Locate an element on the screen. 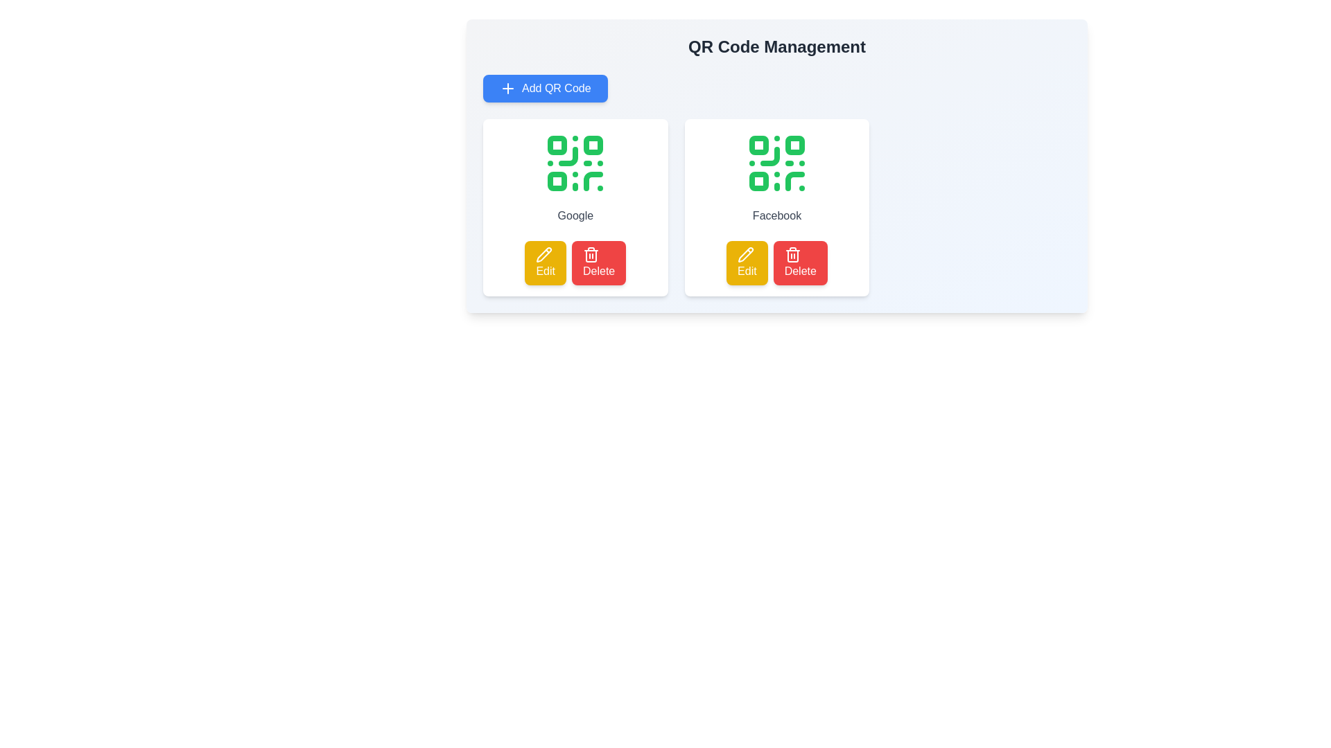  the QR code icon representing 'Google', located at the top center of the left card in a two-card layout is located at coordinates (575, 162).